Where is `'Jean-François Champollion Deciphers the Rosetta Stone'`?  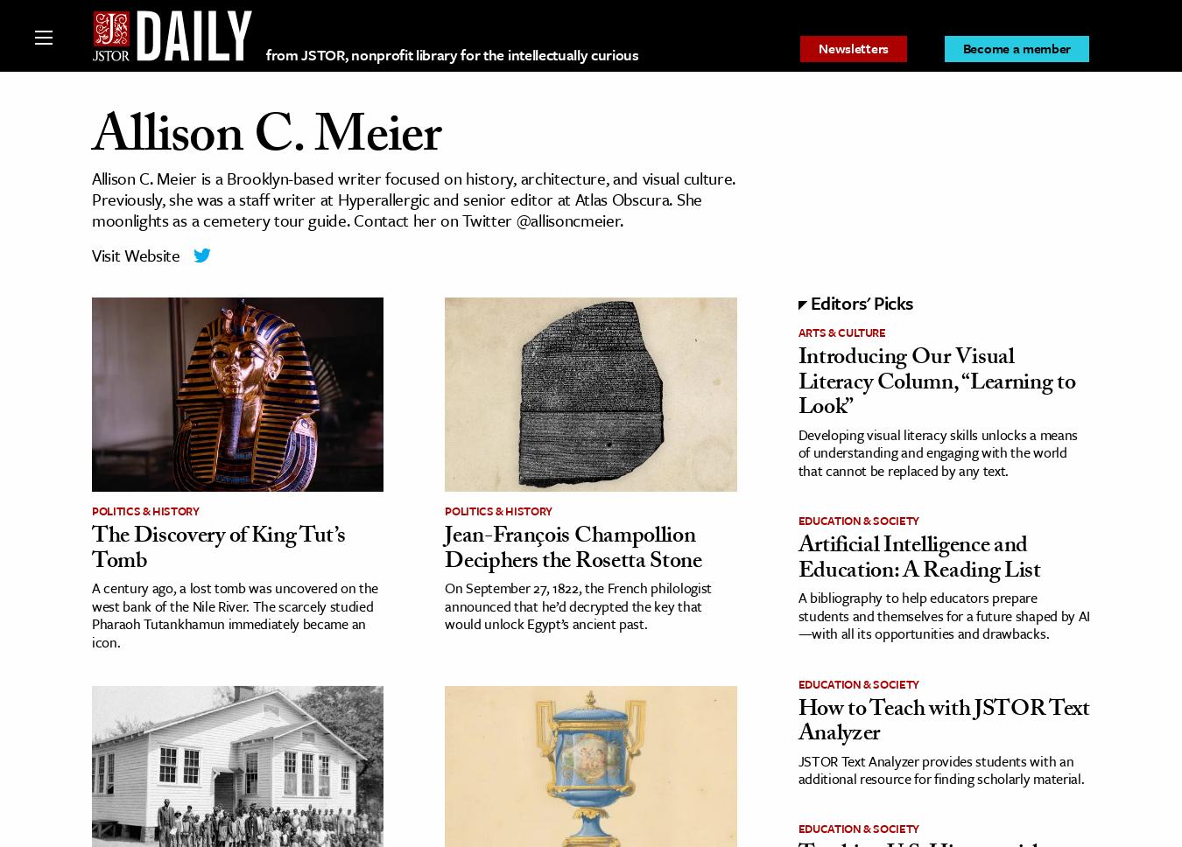
'Jean-François Champollion Deciphers the Rosetta Stone' is located at coordinates (573, 549).